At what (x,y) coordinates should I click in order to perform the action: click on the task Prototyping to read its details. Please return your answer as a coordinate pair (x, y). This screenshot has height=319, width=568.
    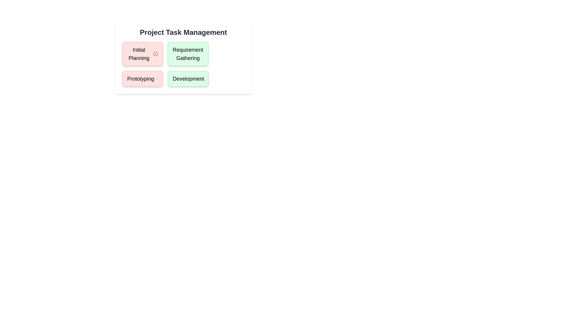
    Looking at the image, I should click on (142, 78).